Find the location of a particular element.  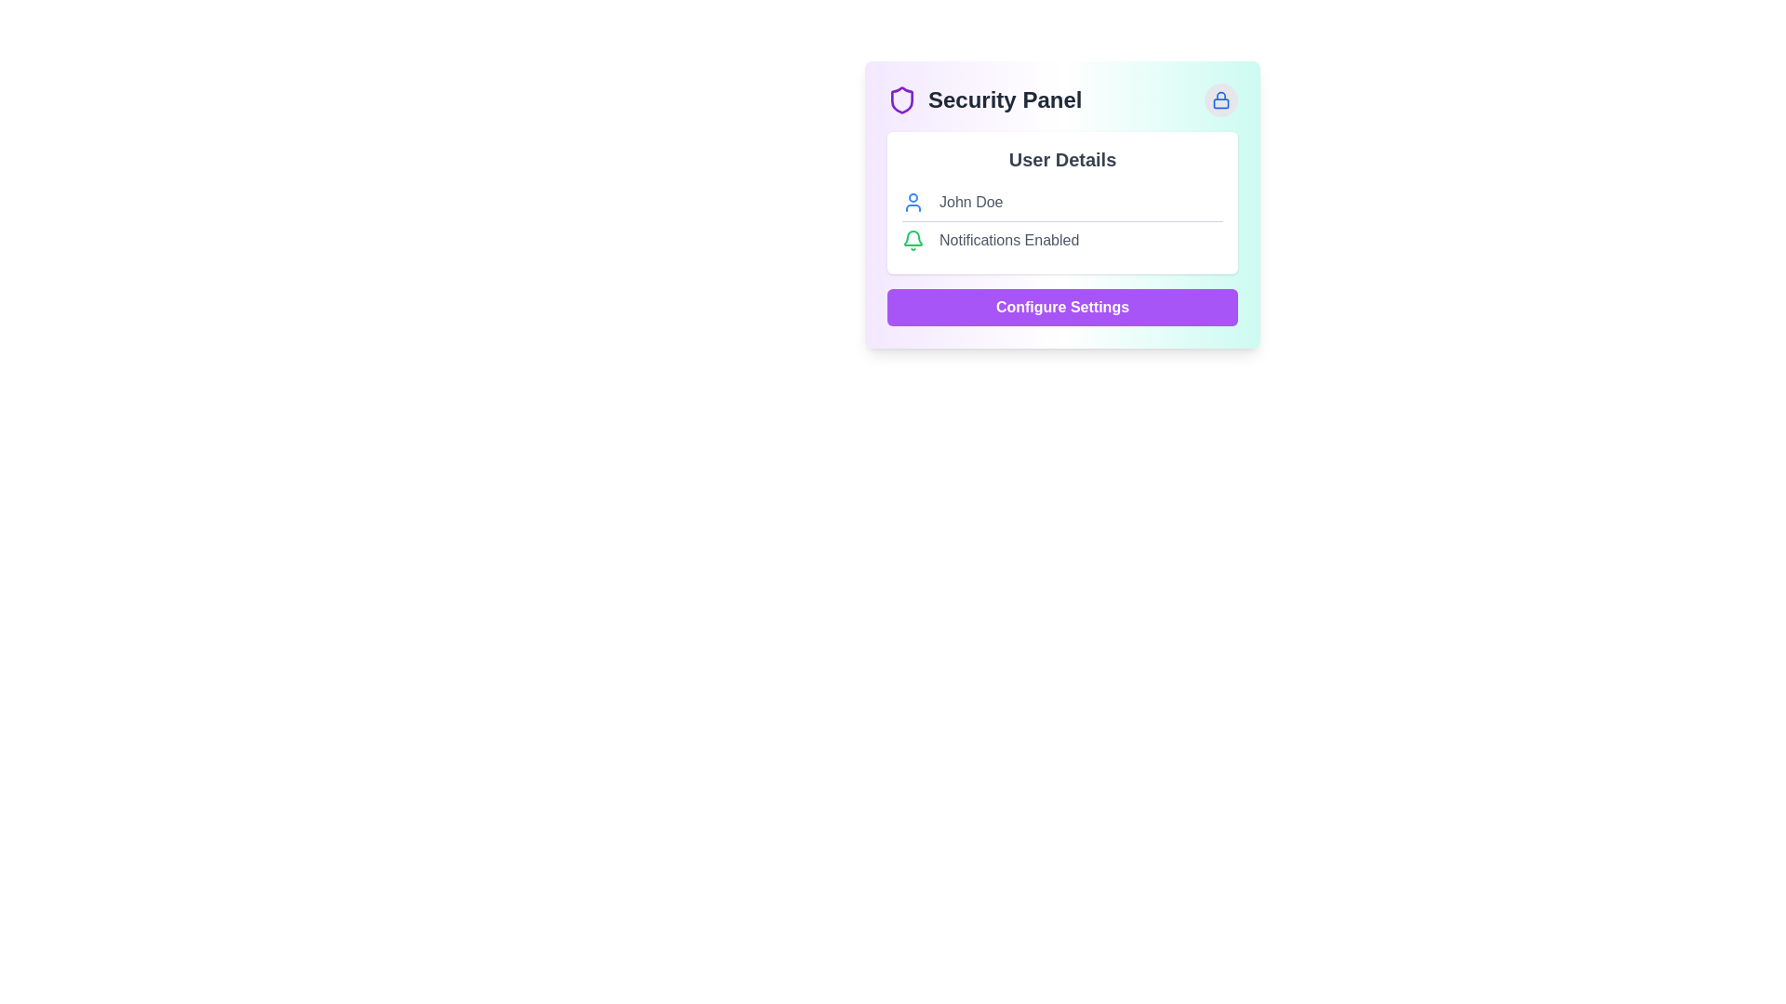

the circular button with a blue lock icon located in the top-right corner of the 'Security Panel' is located at coordinates (1221, 100).